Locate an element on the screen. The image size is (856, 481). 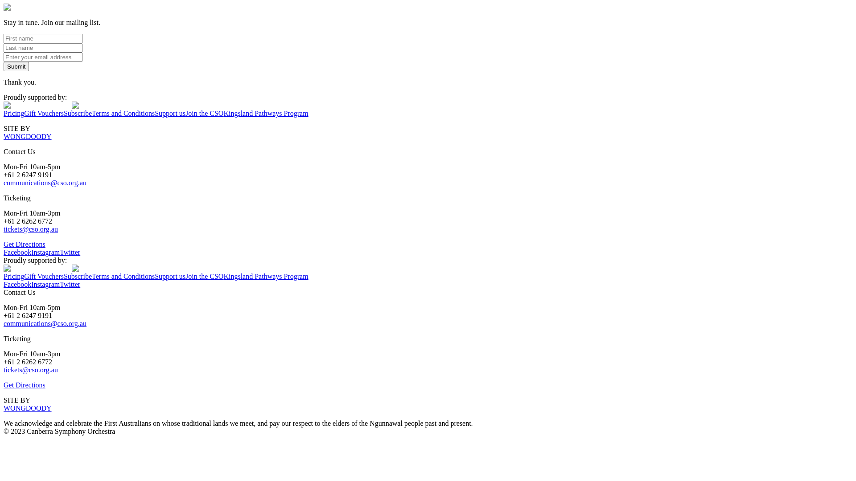
'Pricing' is located at coordinates (13, 276).